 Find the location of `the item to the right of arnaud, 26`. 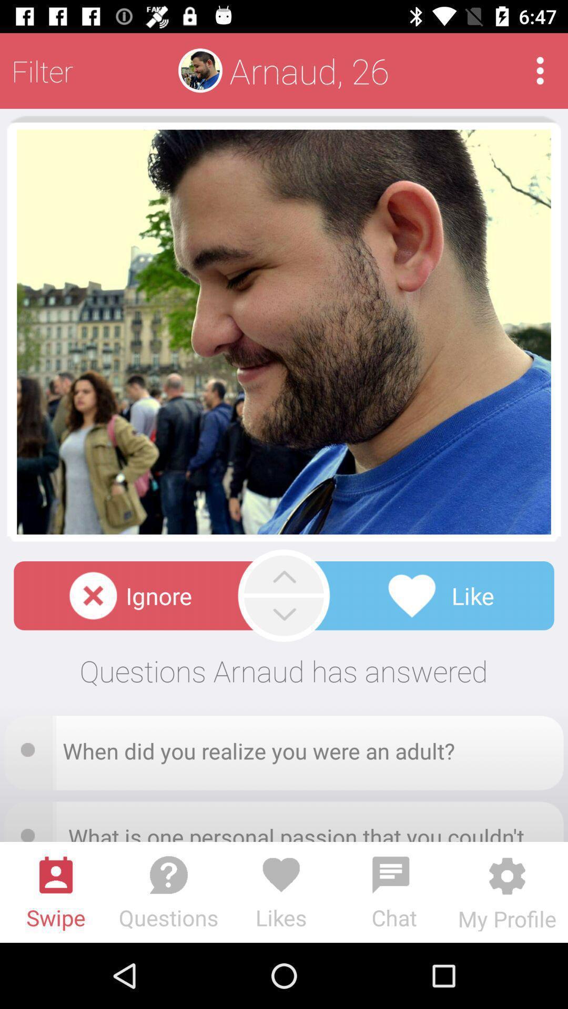

the item to the right of arnaud, 26 is located at coordinates (540, 70).